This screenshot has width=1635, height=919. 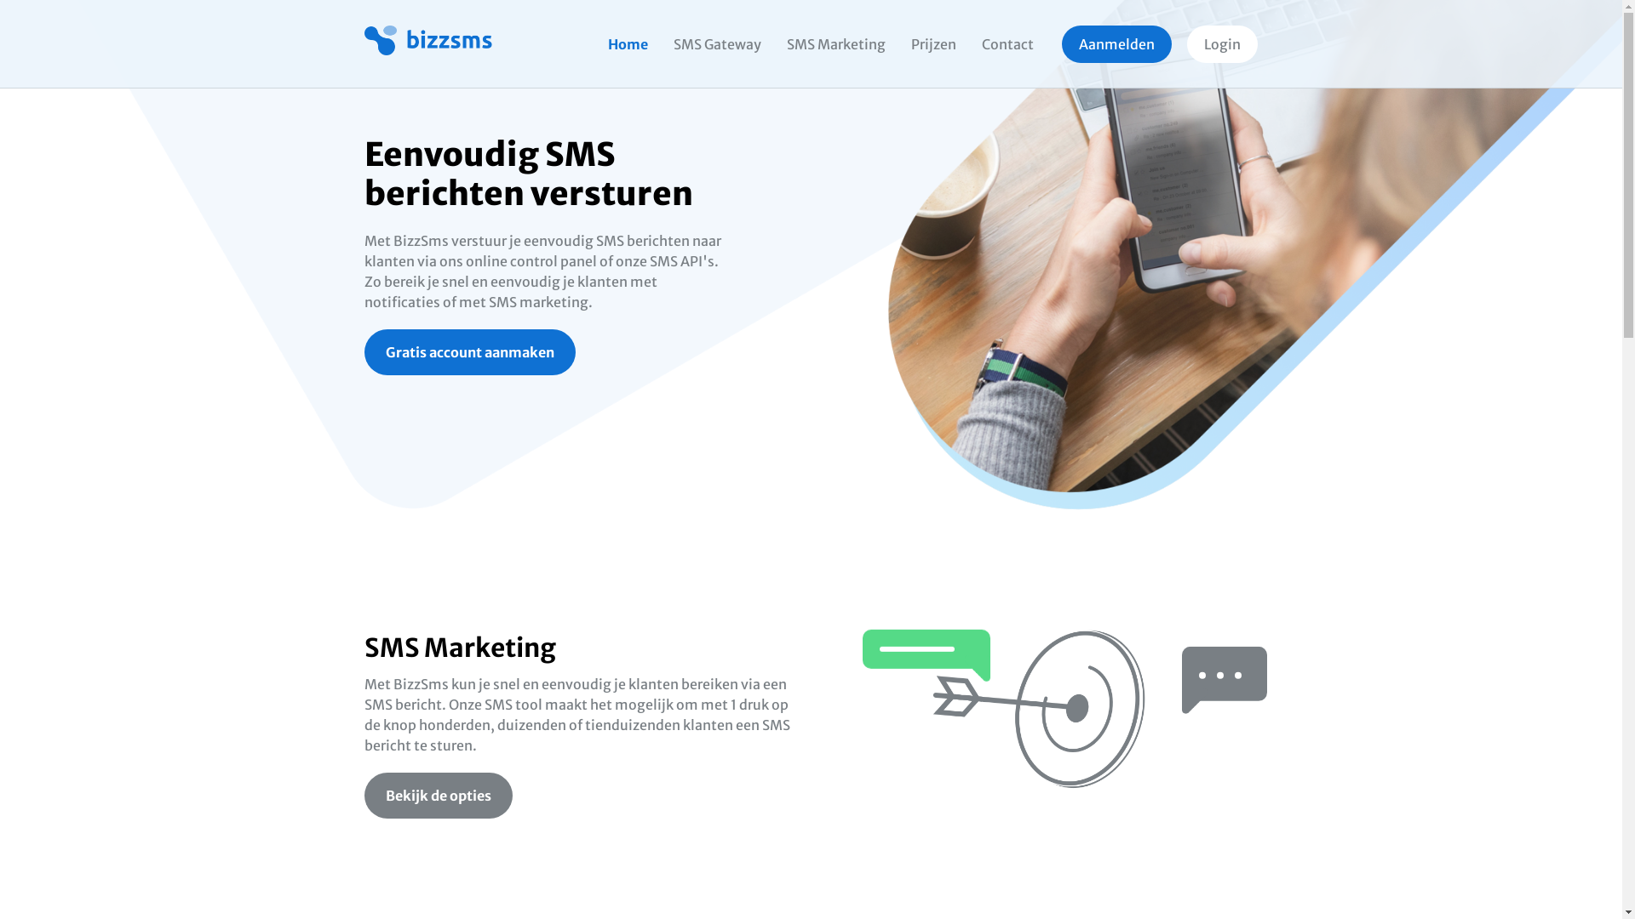 I want to click on 'Prijzen', so click(x=932, y=43).